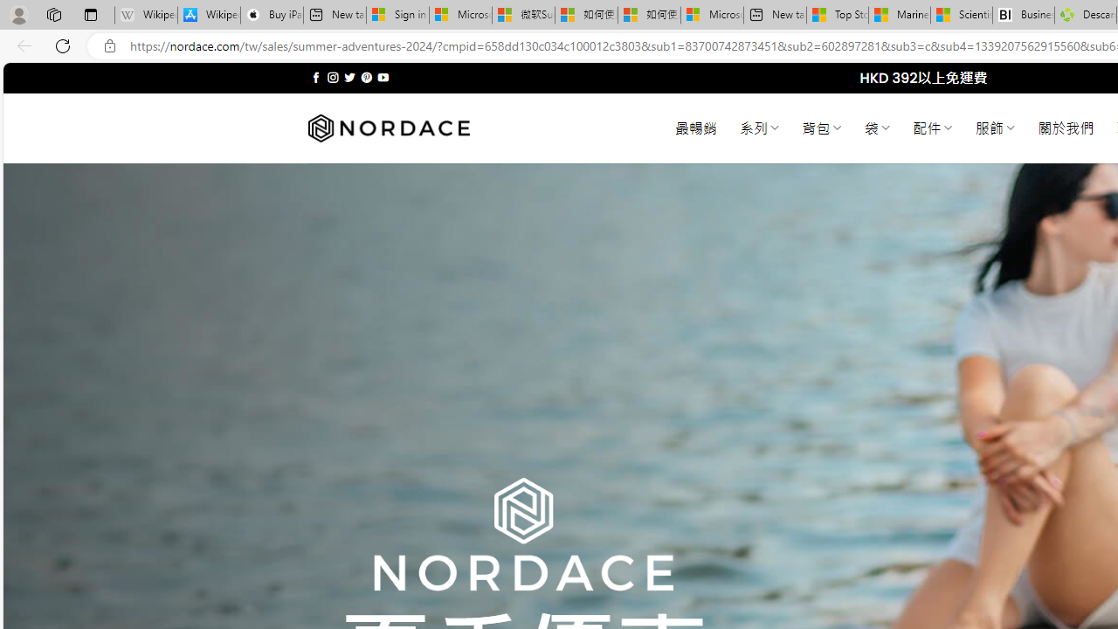 The height and width of the screenshot is (629, 1118). Describe the element at coordinates (383, 77) in the screenshot. I see `'Follow on YouTube'` at that location.